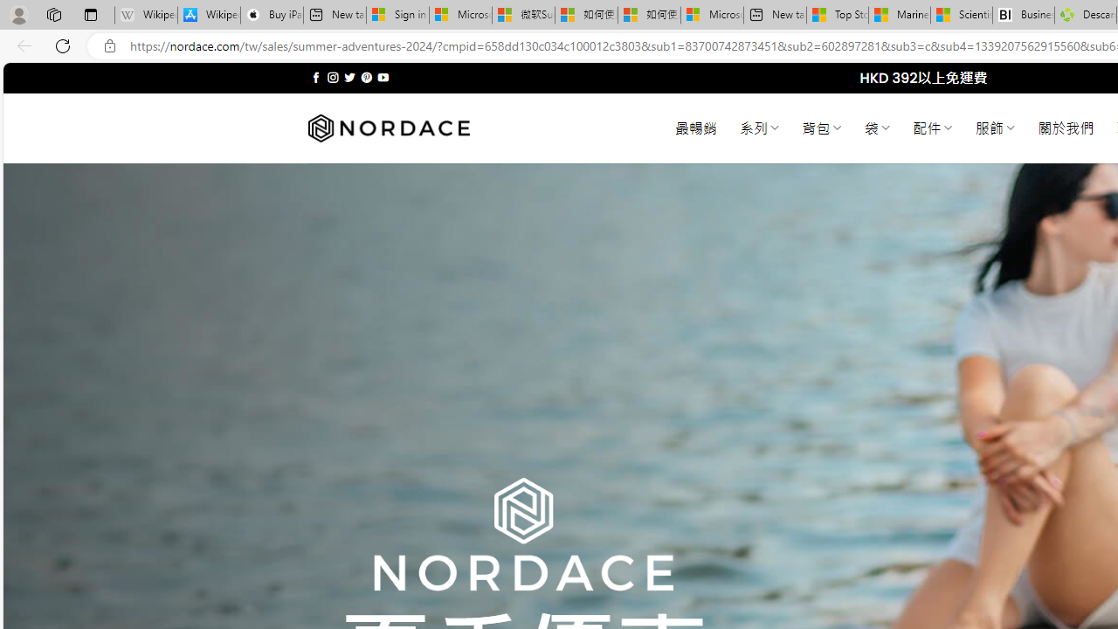 The height and width of the screenshot is (629, 1118). Describe the element at coordinates (383, 77) in the screenshot. I see `'Follow on YouTube'` at that location.